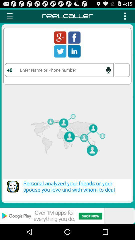 Image resolution: width=135 pixels, height=240 pixels. I want to click on the menu icon, so click(10, 17).